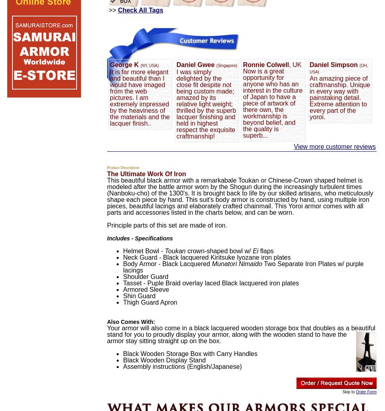  I want to click on 'Principle parts of this set are made of iron.', so click(106, 225).